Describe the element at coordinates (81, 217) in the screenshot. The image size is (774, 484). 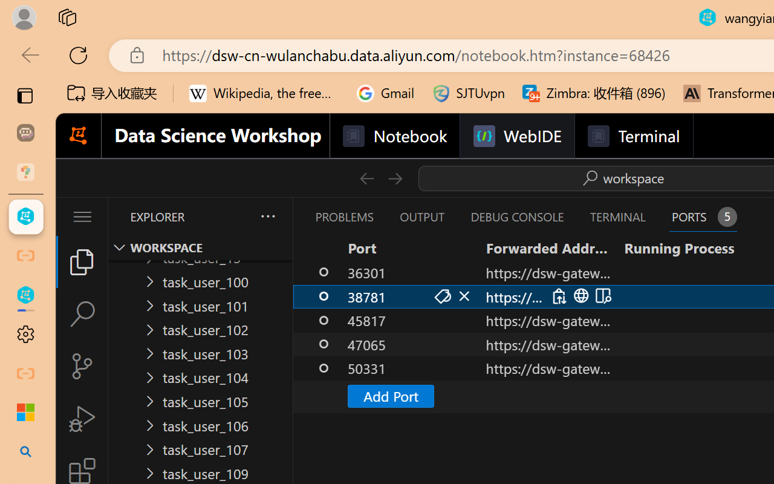
I see `'Class: menubar compact overflow-menu-only'` at that location.